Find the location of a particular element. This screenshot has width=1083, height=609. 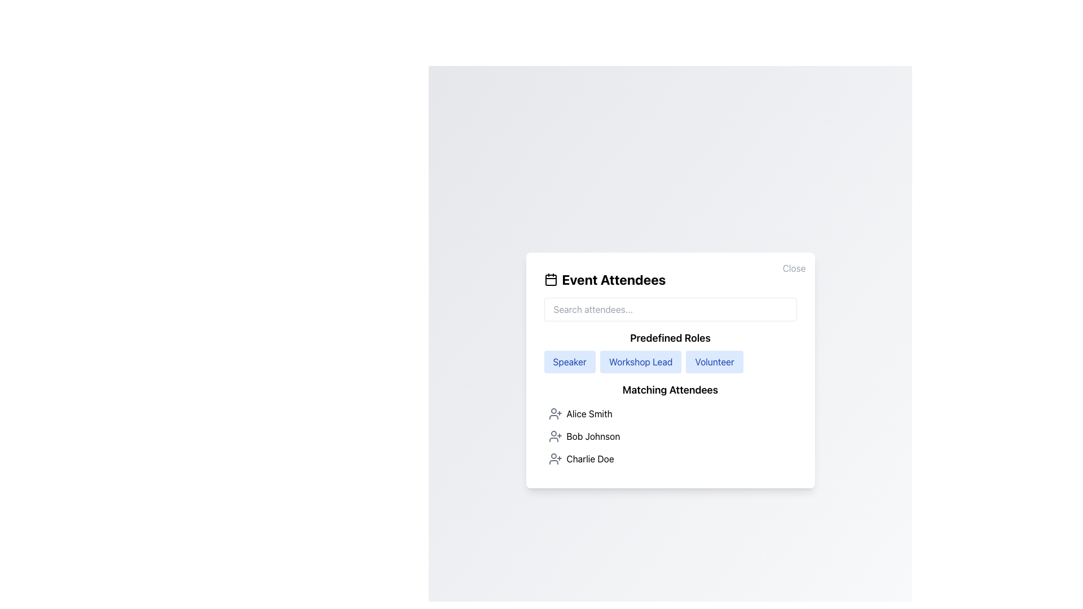

the 'Speaker' button in the 'Predefined Roles' section is located at coordinates (570, 361).